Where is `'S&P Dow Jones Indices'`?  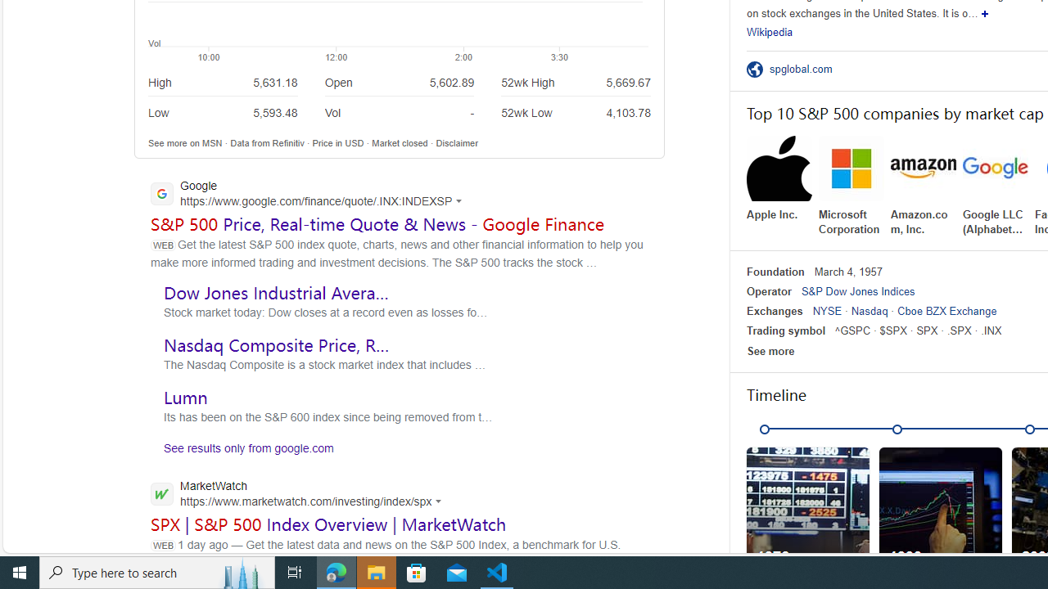 'S&P Dow Jones Indices' is located at coordinates (856, 290).